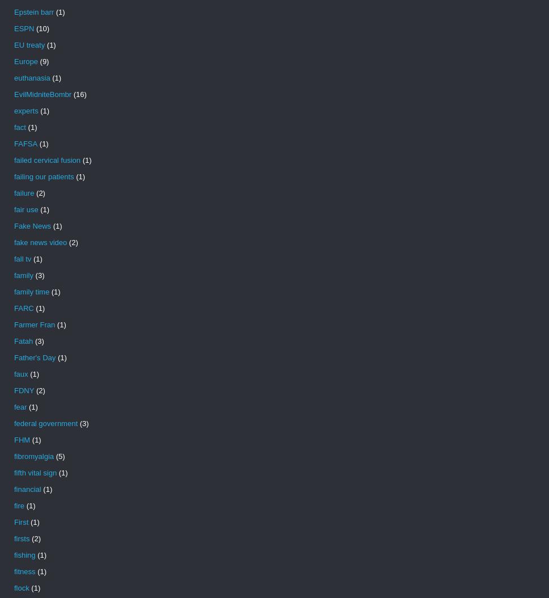  I want to click on 'fact', so click(20, 127).